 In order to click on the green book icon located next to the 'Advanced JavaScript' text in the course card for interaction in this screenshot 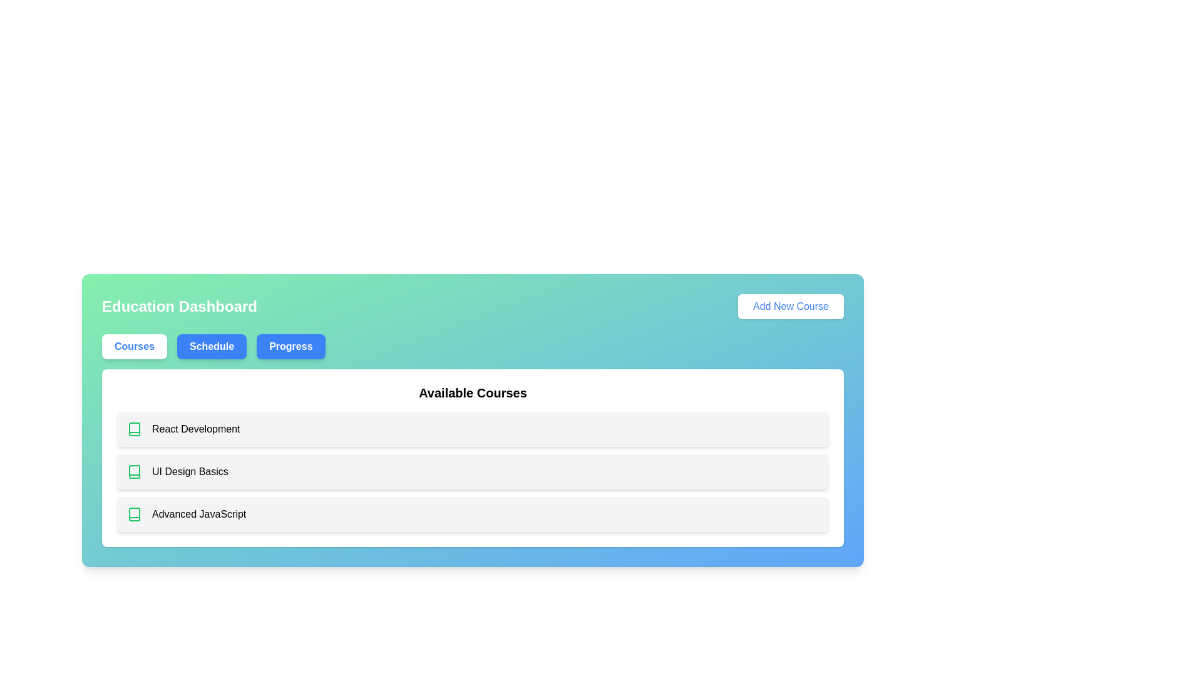, I will do `click(135, 514)`.